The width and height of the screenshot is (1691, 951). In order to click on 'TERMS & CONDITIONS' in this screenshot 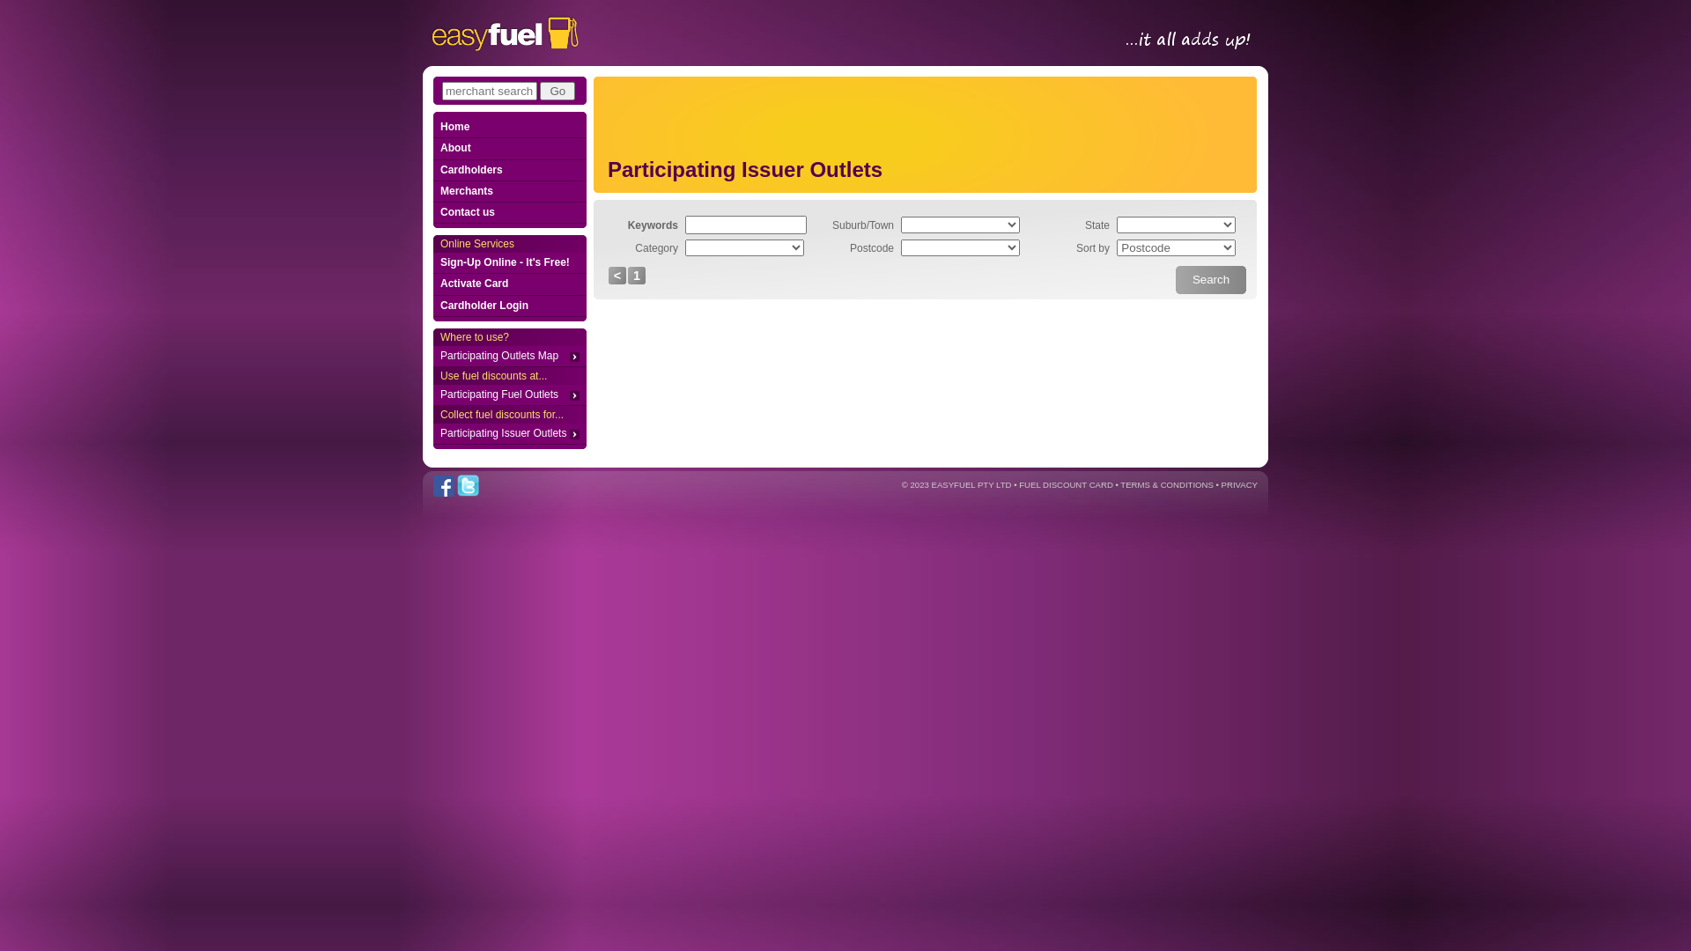, I will do `click(1166, 484)`.